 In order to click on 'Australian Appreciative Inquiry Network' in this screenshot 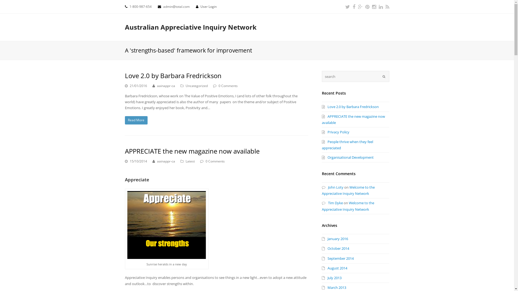, I will do `click(190, 27)`.